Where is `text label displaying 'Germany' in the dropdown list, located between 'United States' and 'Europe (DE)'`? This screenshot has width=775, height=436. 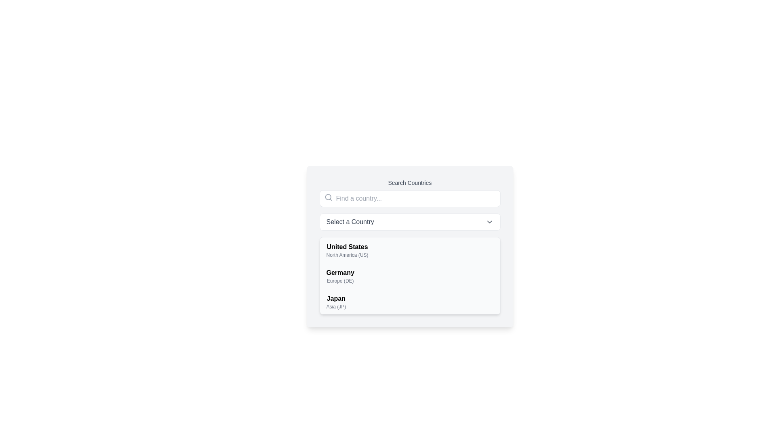 text label displaying 'Germany' in the dropdown list, located between 'United States' and 'Europe (DE)' is located at coordinates (340, 272).